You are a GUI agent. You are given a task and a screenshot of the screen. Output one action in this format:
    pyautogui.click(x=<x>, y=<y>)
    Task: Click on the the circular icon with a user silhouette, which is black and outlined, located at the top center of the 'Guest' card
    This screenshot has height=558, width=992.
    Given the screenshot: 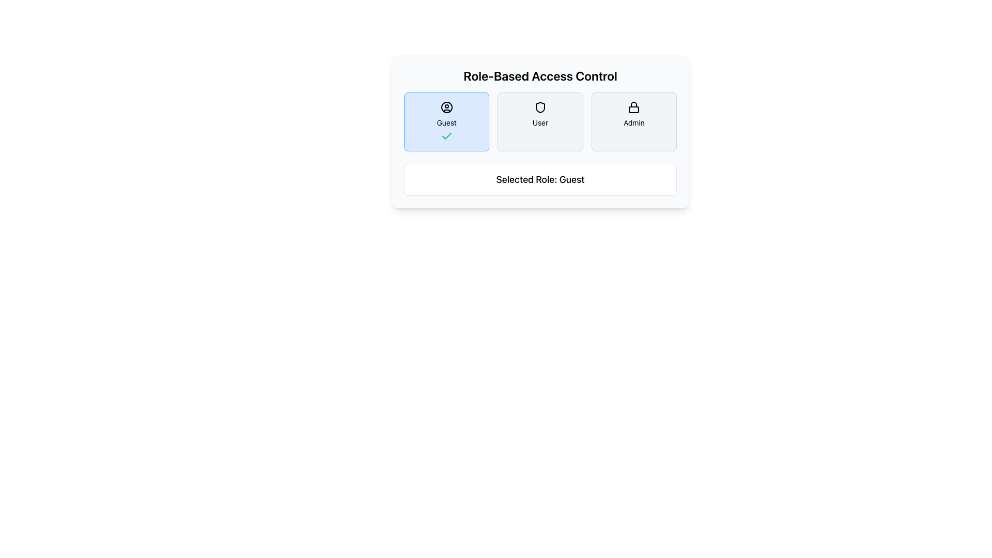 What is the action you would take?
    pyautogui.click(x=446, y=107)
    